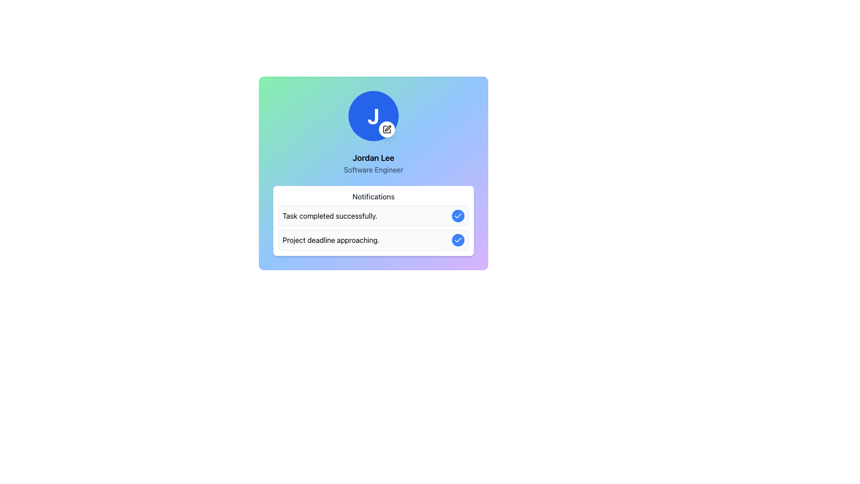 The height and width of the screenshot is (484, 860). What do you see at coordinates (374, 158) in the screenshot?
I see `the text label displaying 'Jordan Lee', which is in bold and slightly larger font, located just below the circular profile icon with the letter 'J'` at bounding box center [374, 158].